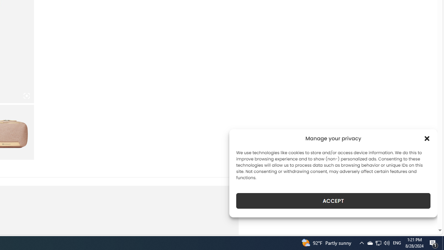 This screenshot has width=444, height=250. Describe the element at coordinates (427, 138) in the screenshot. I see `'Class: cmplz-close'` at that location.